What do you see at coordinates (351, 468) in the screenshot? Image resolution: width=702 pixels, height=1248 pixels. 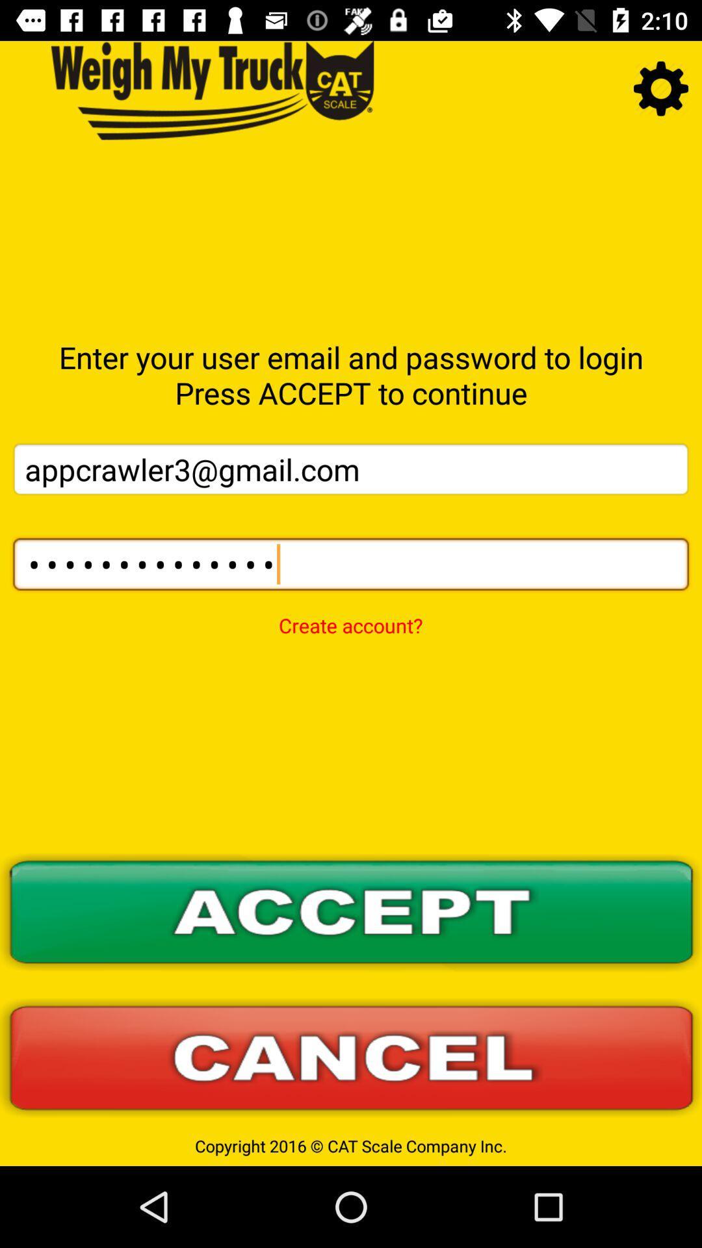 I see `the item above the appcrawler3116` at bounding box center [351, 468].